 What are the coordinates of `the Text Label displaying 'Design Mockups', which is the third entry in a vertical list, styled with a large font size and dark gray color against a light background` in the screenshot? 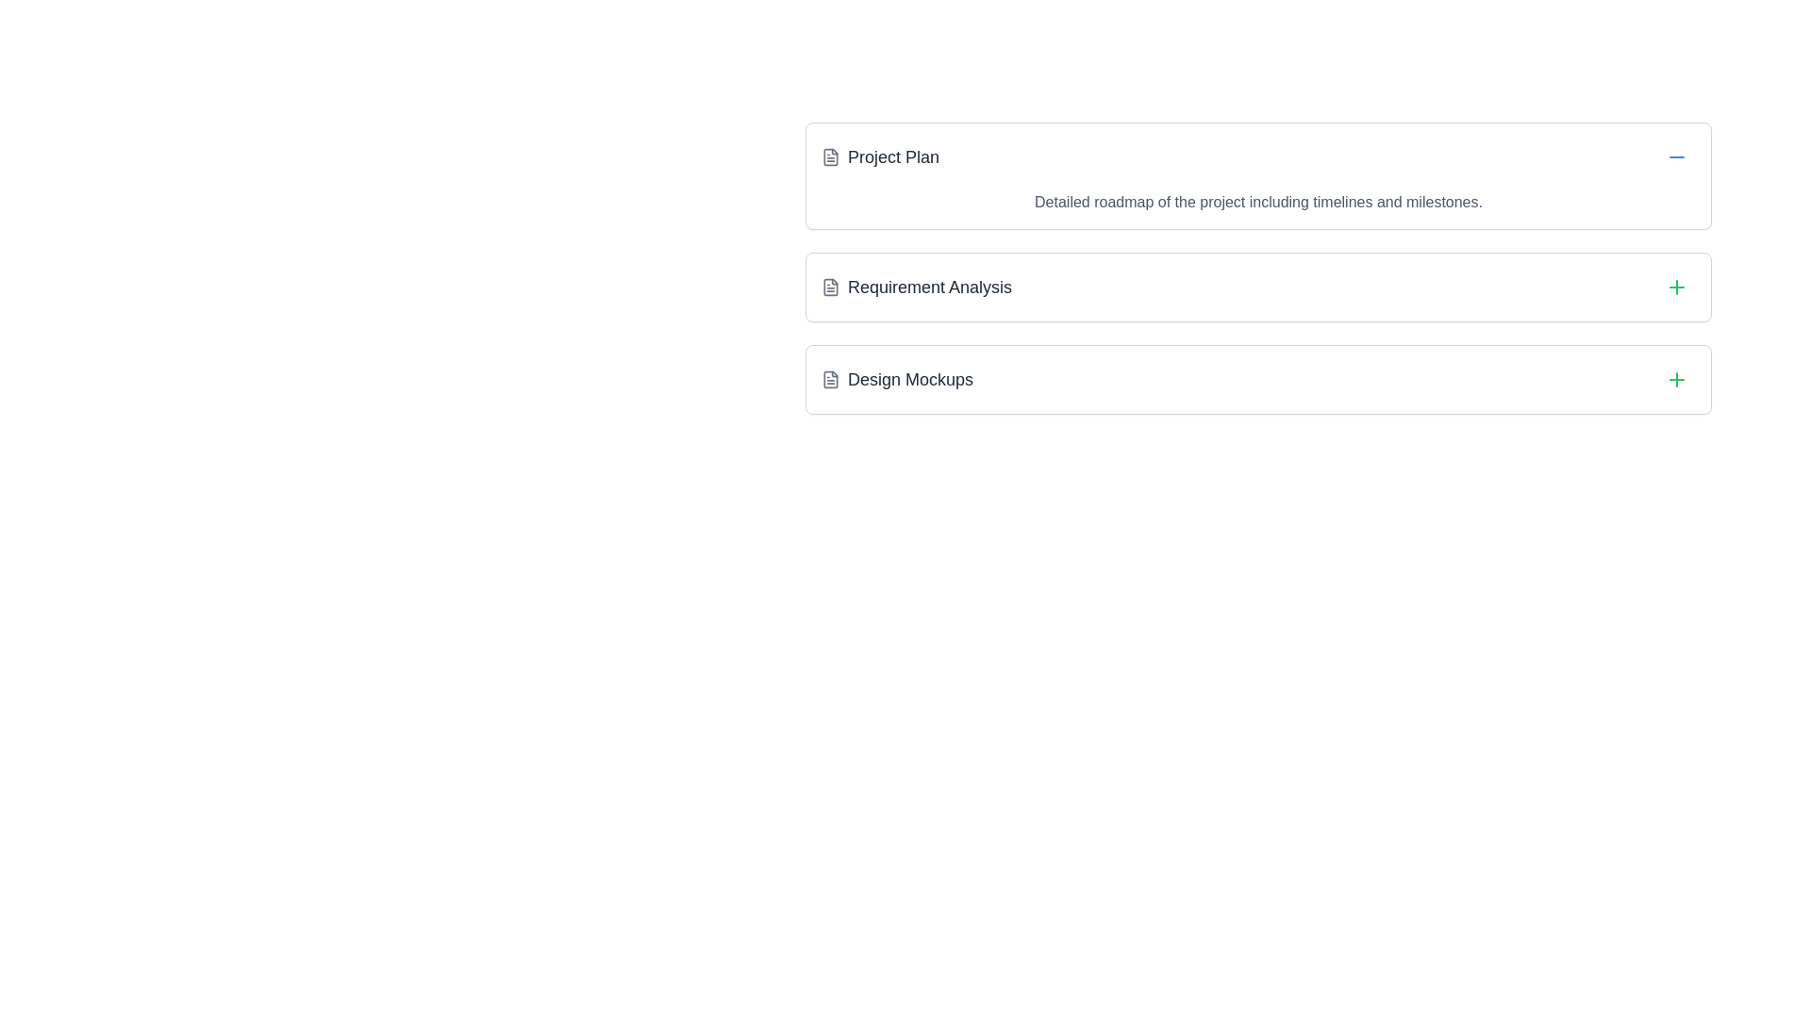 It's located at (910, 379).